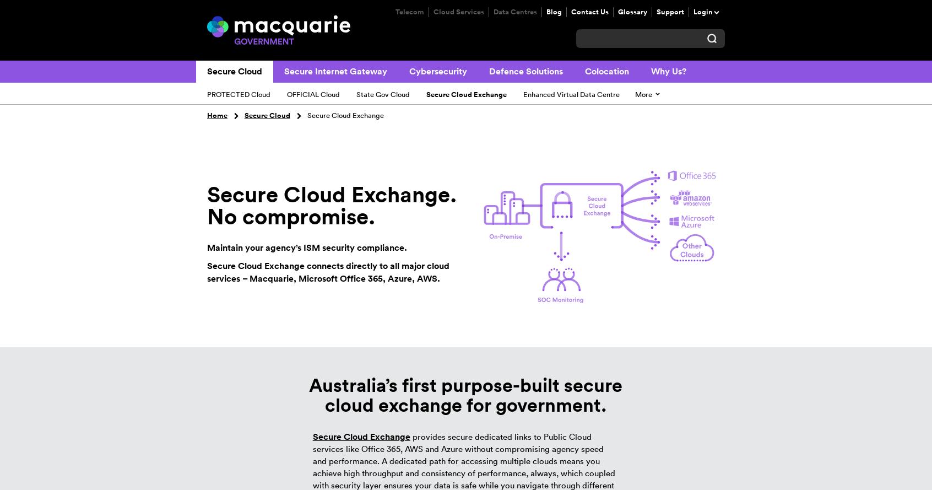 This screenshot has width=932, height=490. What do you see at coordinates (217, 115) in the screenshot?
I see `'Home'` at bounding box center [217, 115].